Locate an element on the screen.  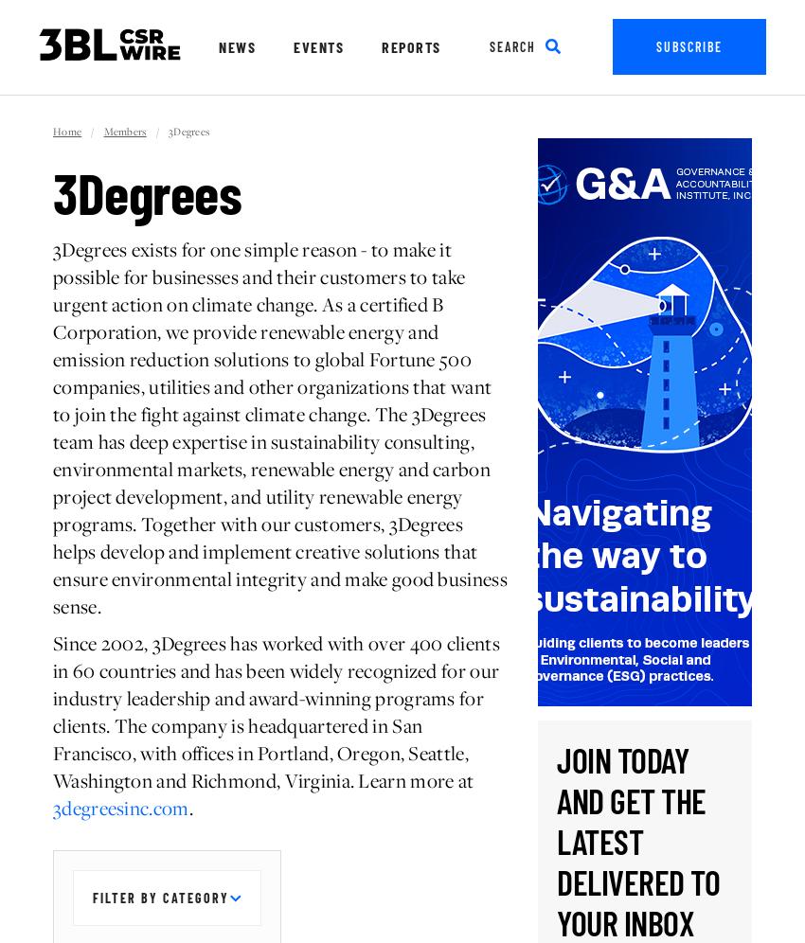
'Members' is located at coordinates (124, 131).